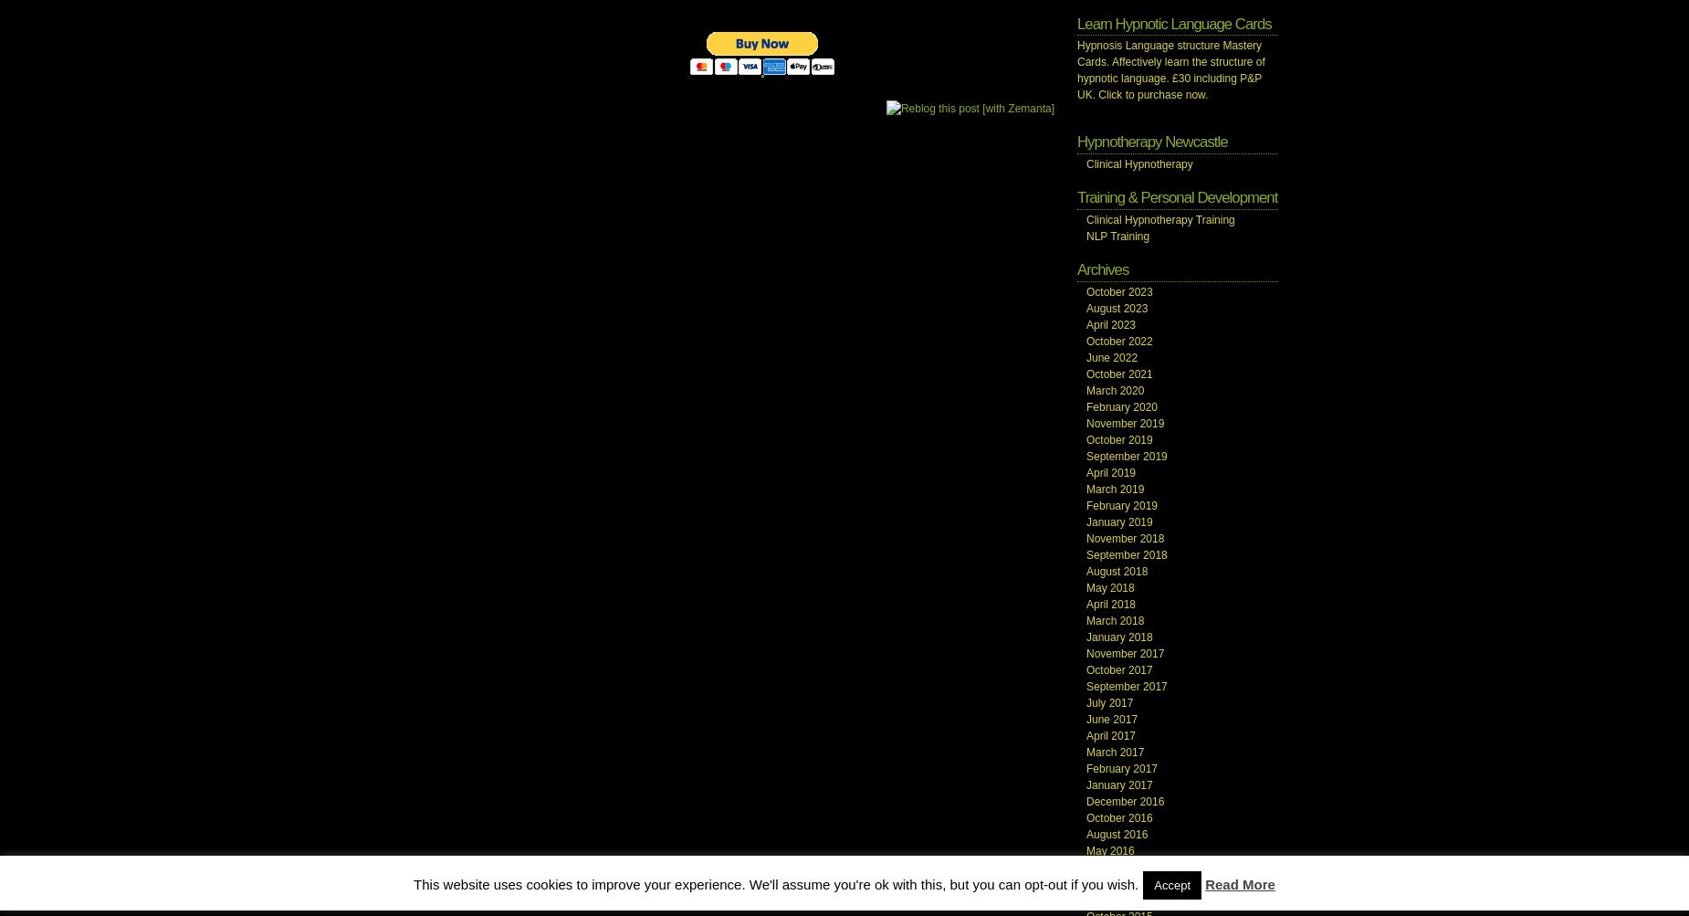 The image size is (1689, 916). I want to click on 'July 2017', so click(1108, 701).